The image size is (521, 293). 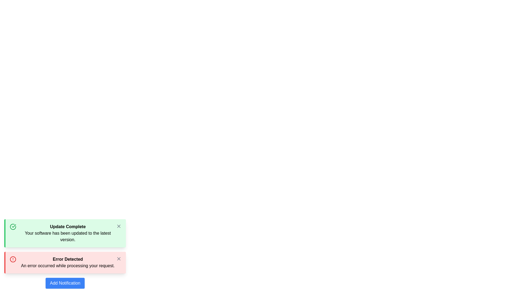 I want to click on the text label displaying 'An error occurred while processing your request' within the red notification box, so click(x=67, y=265).